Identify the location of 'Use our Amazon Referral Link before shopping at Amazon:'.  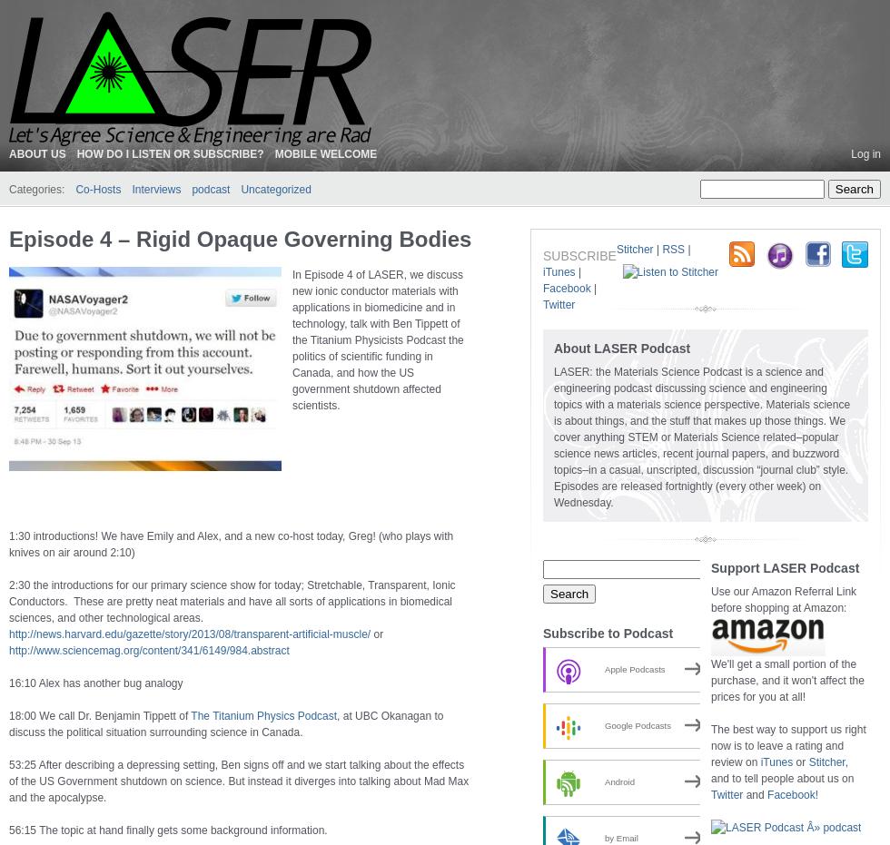
(783, 600).